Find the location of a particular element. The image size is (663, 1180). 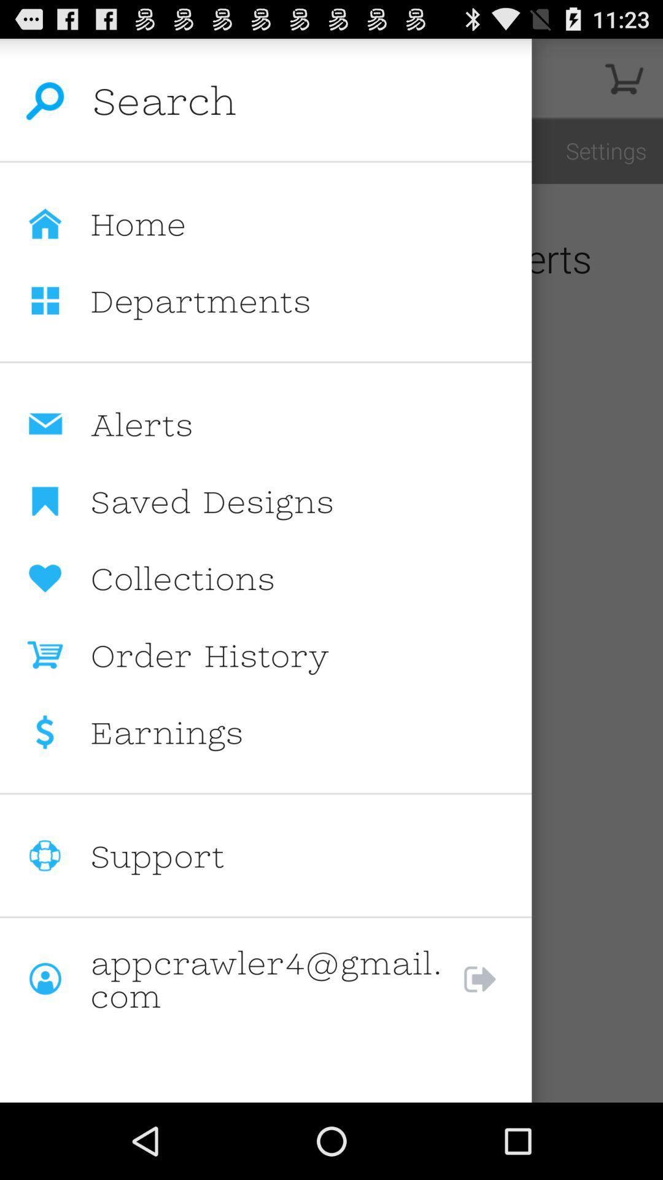

the search icon is located at coordinates (34, 84).